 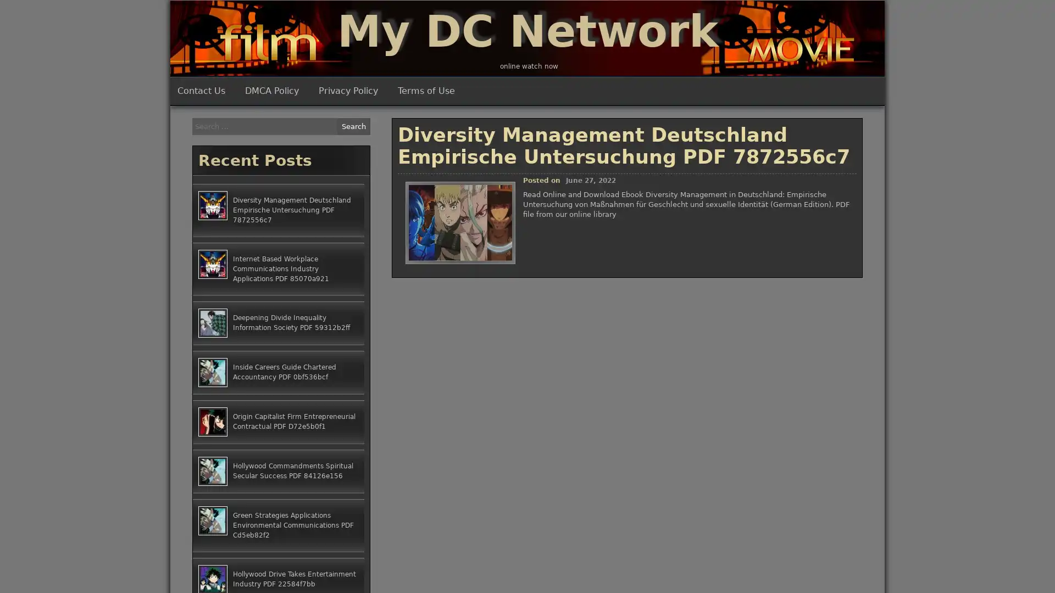 I want to click on Search, so click(x=353, y=126).